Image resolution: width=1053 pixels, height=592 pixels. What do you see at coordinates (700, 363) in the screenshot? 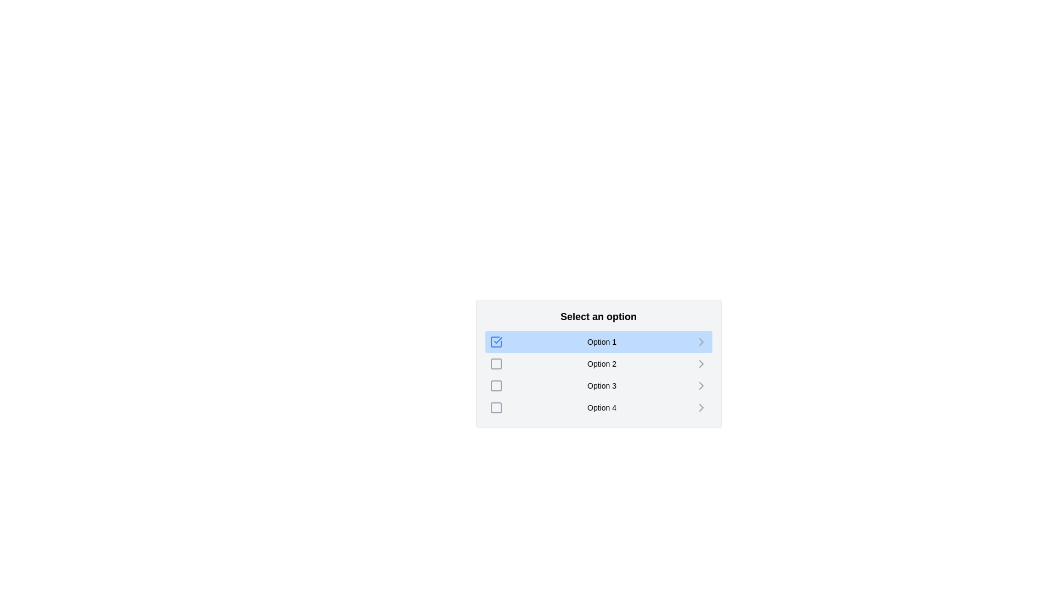
I see `the right-facing chevron icon located at the far-right of the 'Option 2' row` at bounding box center [700, 363].